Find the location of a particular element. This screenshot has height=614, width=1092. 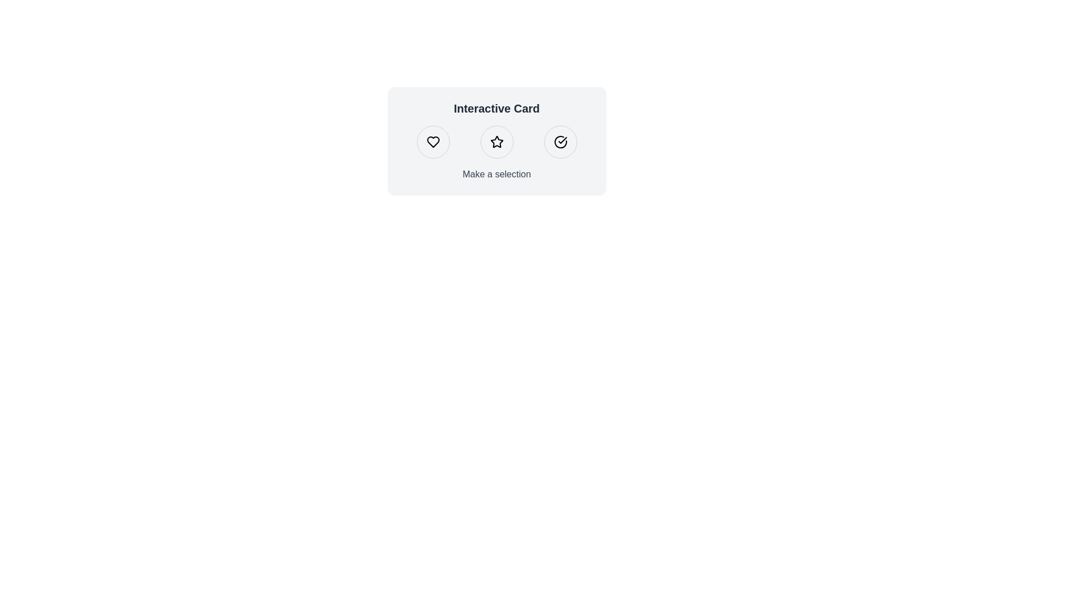

the icon representing a completed or confirmed action, located in the rightmost button of three buttons in the center of the card layout is located at coordinates (562, 139).